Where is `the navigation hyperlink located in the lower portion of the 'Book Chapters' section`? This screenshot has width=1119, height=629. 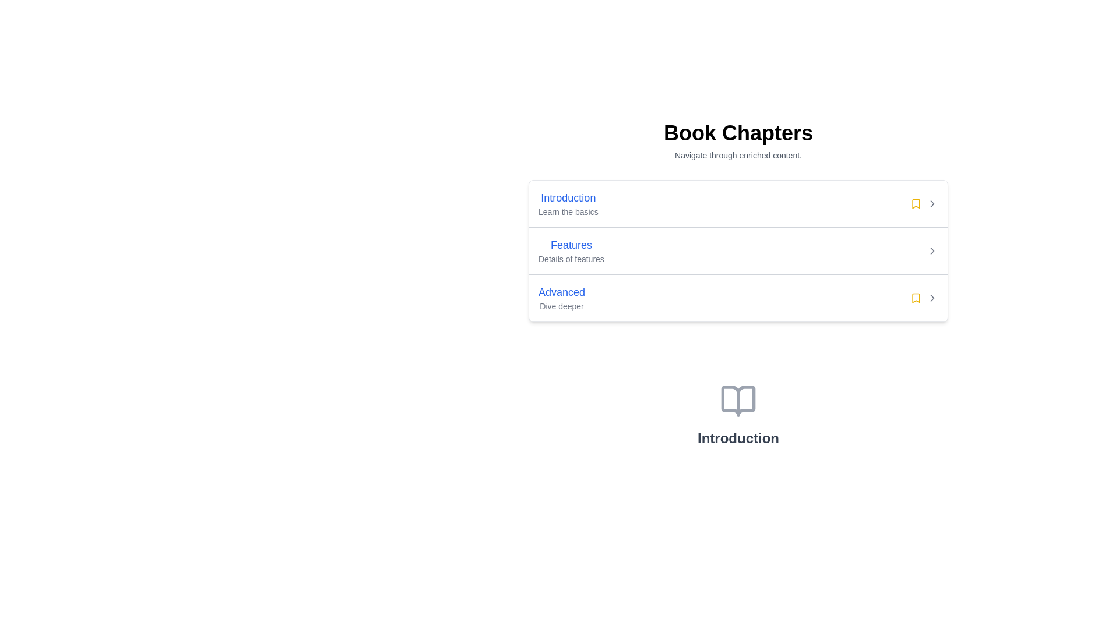
the navigation hyperlink located in the lower portion of the 'Book Chapters' section is located at coordinates (562, 291).